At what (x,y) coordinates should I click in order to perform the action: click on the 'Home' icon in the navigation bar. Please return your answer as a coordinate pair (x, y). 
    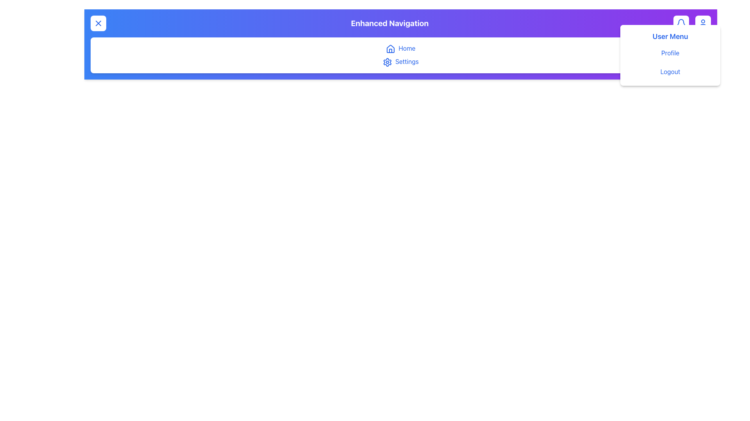
    Looking at the image, I should click on (391, 49).